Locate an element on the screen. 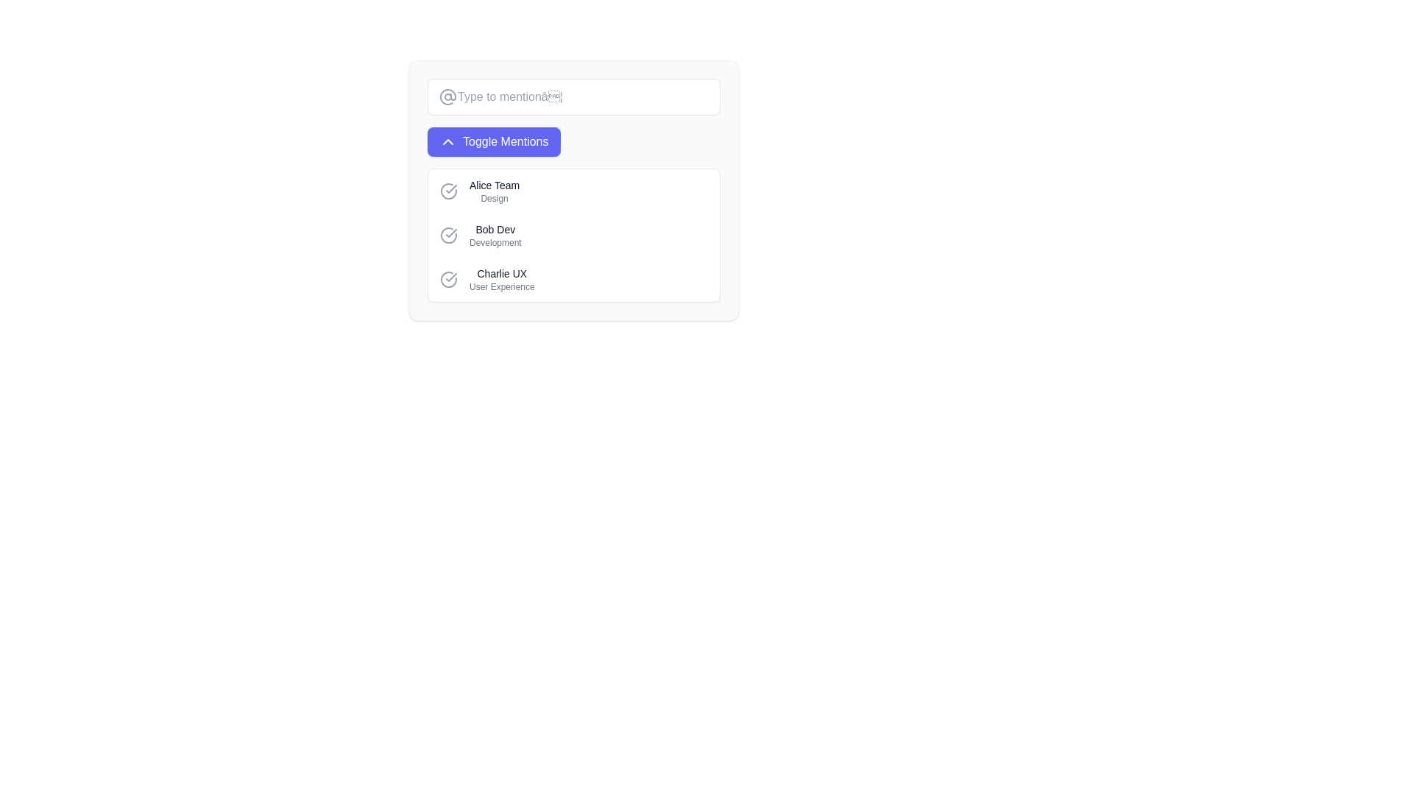 The height and width of the screenshot is (795, 1413). the text label indicating the role or category associated with 'Bob Dev', located beneath the text 'Bob Dev' is located at coordinates (495, 242).